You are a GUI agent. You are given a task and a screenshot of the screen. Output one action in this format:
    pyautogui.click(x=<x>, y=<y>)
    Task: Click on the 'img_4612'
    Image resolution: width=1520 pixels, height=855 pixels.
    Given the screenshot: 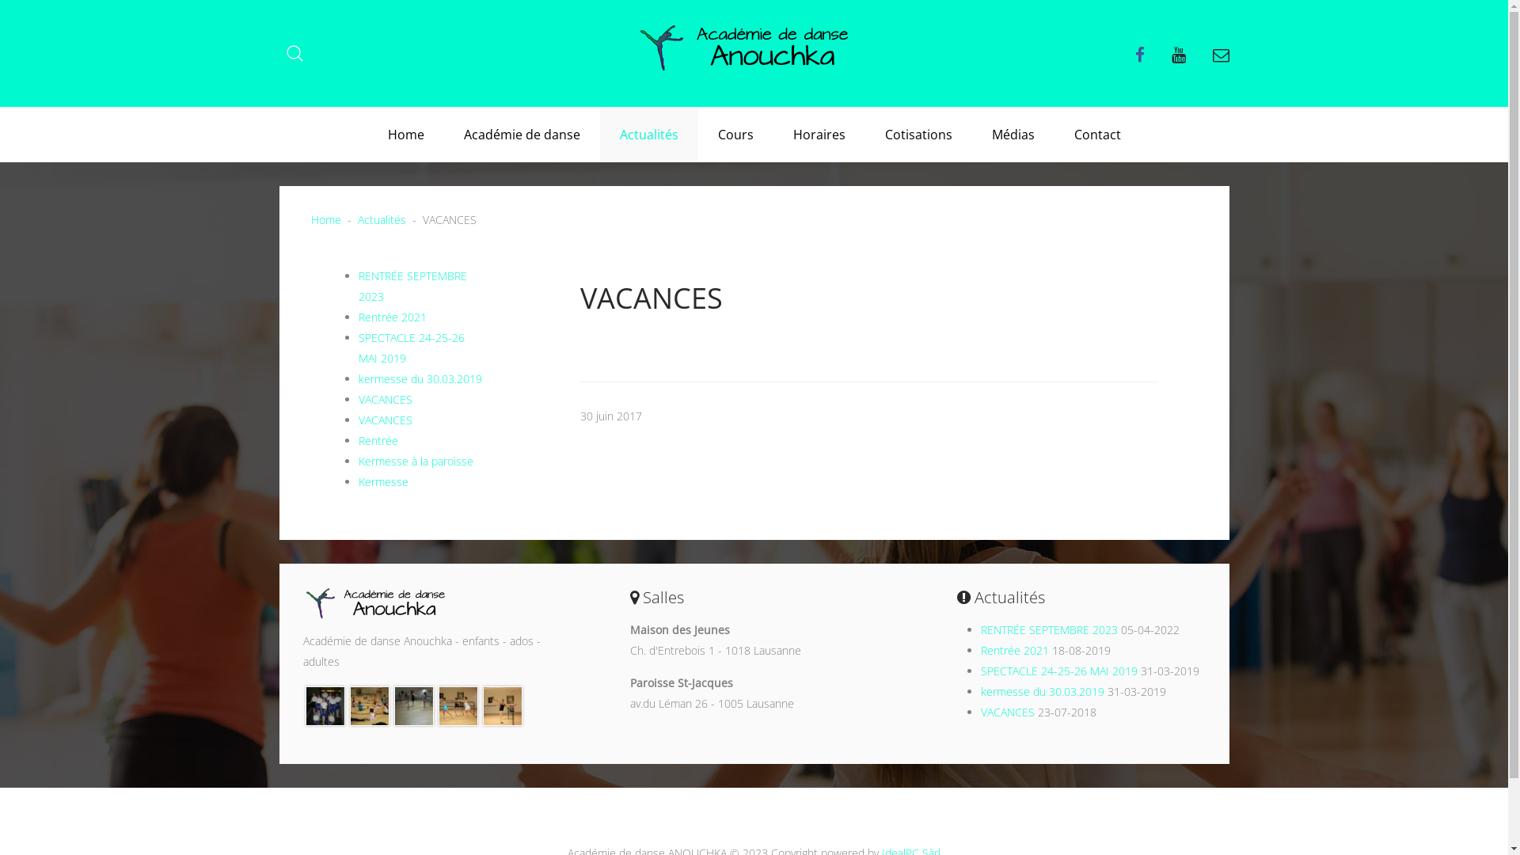 What is the action you would take?
    pyautogui.click(x=325, y=704)
    